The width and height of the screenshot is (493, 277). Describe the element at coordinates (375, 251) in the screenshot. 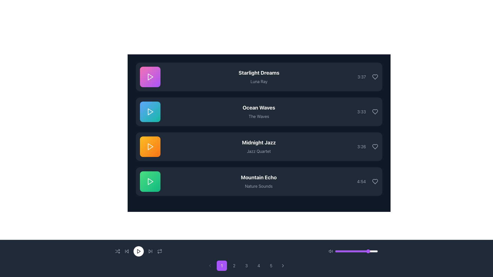

I see `the slider value` at that location.